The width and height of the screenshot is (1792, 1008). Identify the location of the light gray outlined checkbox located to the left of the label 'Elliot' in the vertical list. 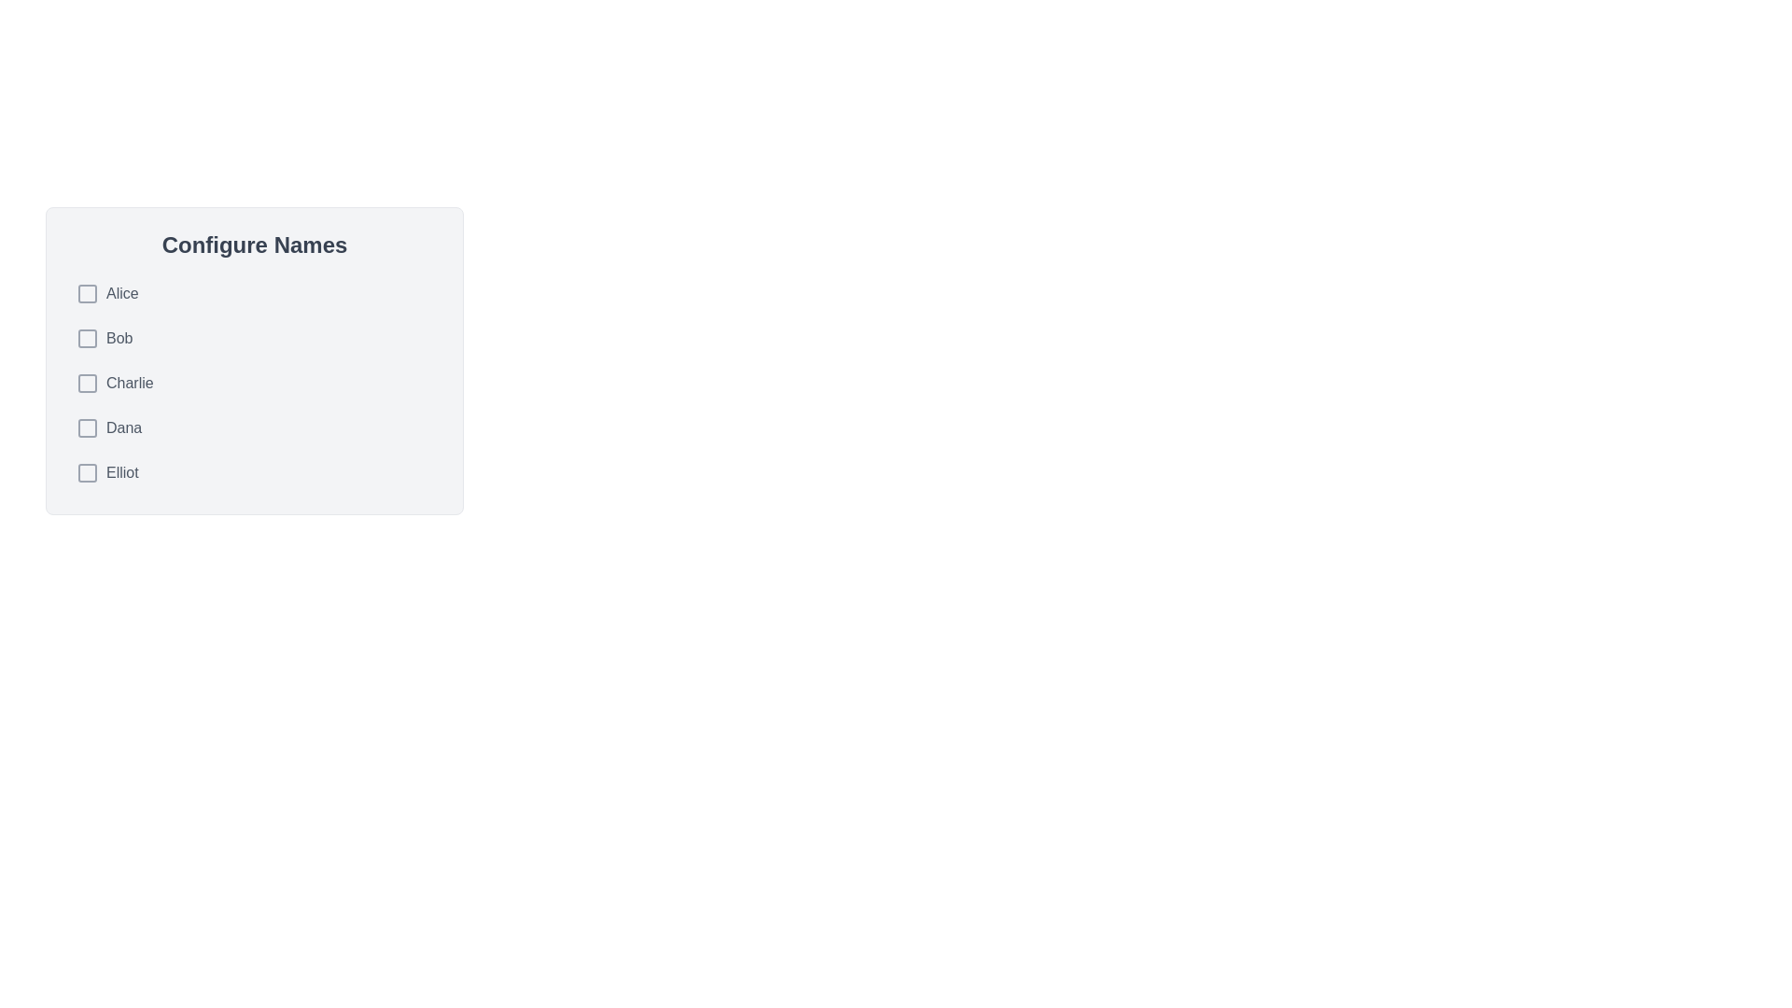
(87, 471).